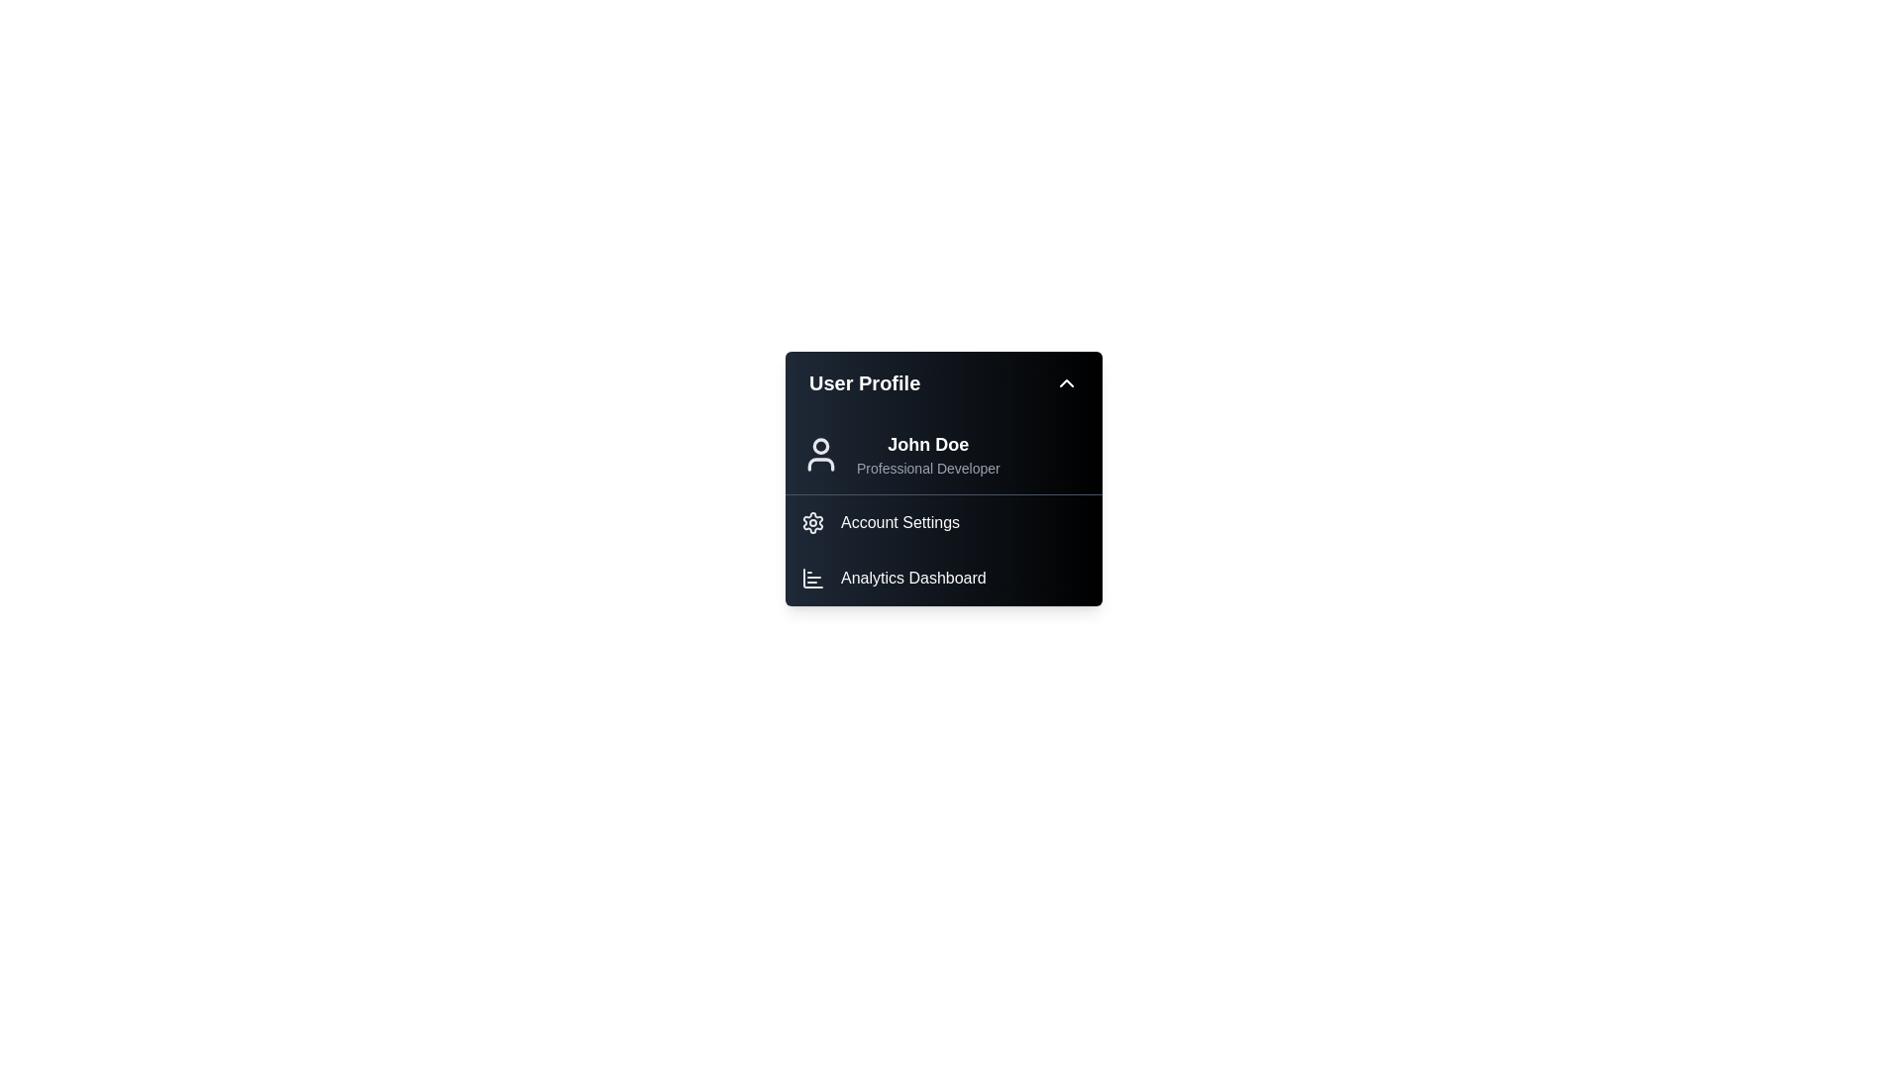  Describe the element at coordinates (943, 522) in the screenshot. I see `the 'Account Settings' option in the UserProfileMenu` at that location.